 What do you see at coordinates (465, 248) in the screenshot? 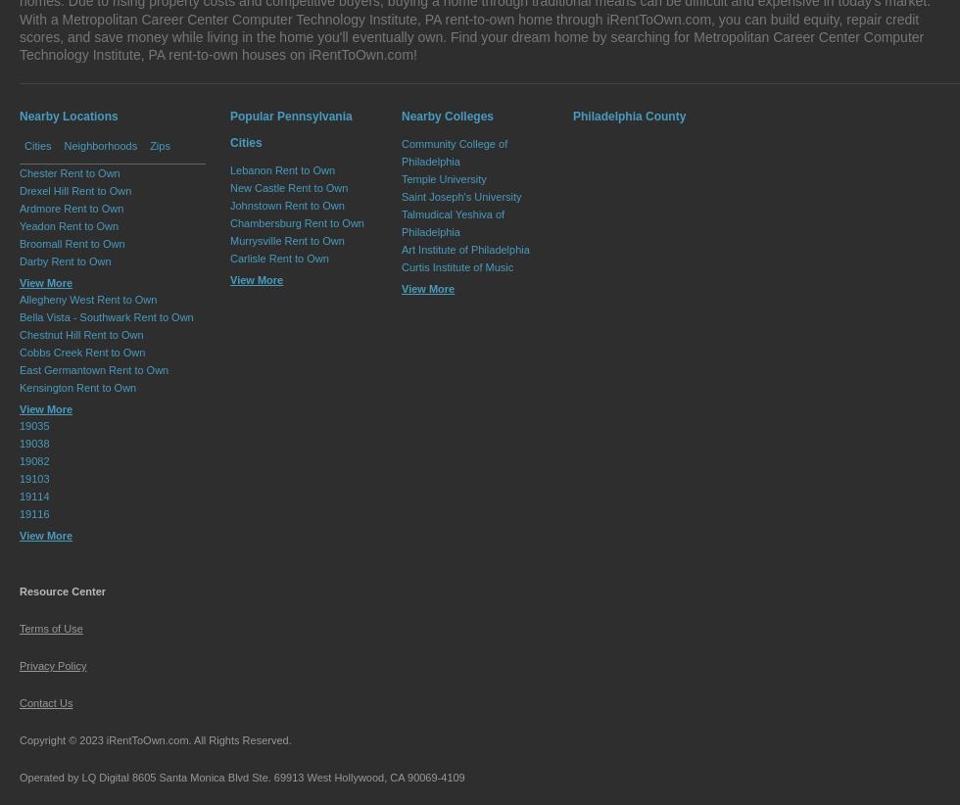
I see `'Art Institute of Philadelphia'` at bounding box center [465, 248].